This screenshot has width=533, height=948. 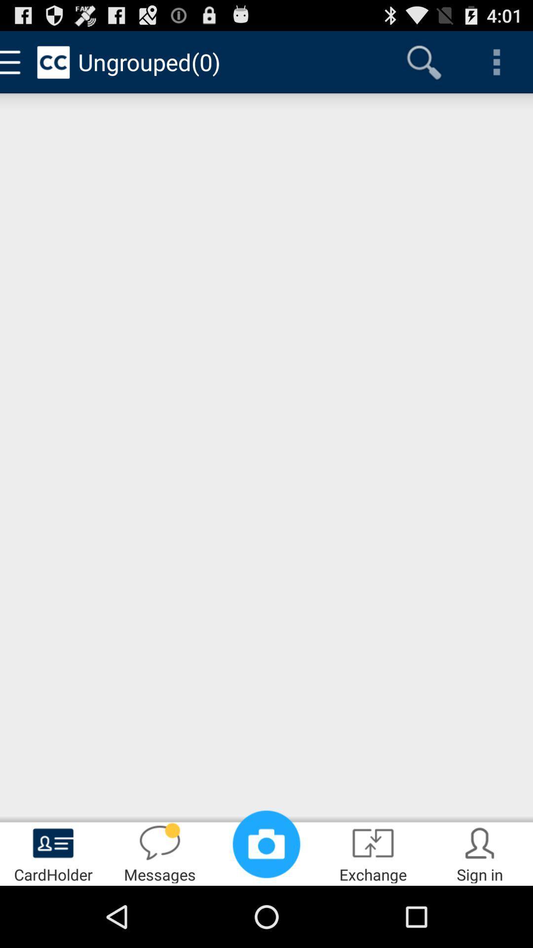 What do you see at coordinates (266, 904) in the screenshot?
I see `the photo icon` at bounding box center [266, 904].